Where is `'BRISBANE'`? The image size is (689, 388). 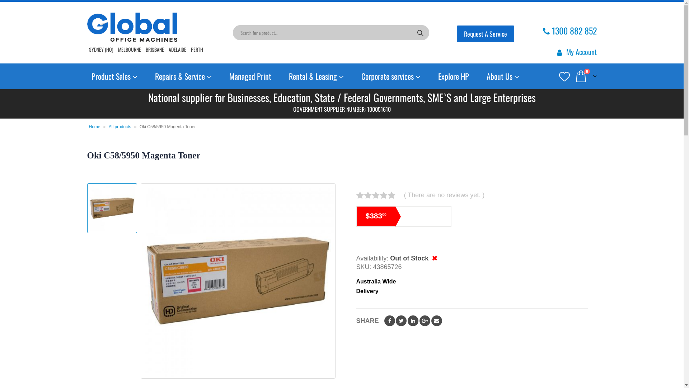
'BRISBANE' is located at coordinates (154, 49).